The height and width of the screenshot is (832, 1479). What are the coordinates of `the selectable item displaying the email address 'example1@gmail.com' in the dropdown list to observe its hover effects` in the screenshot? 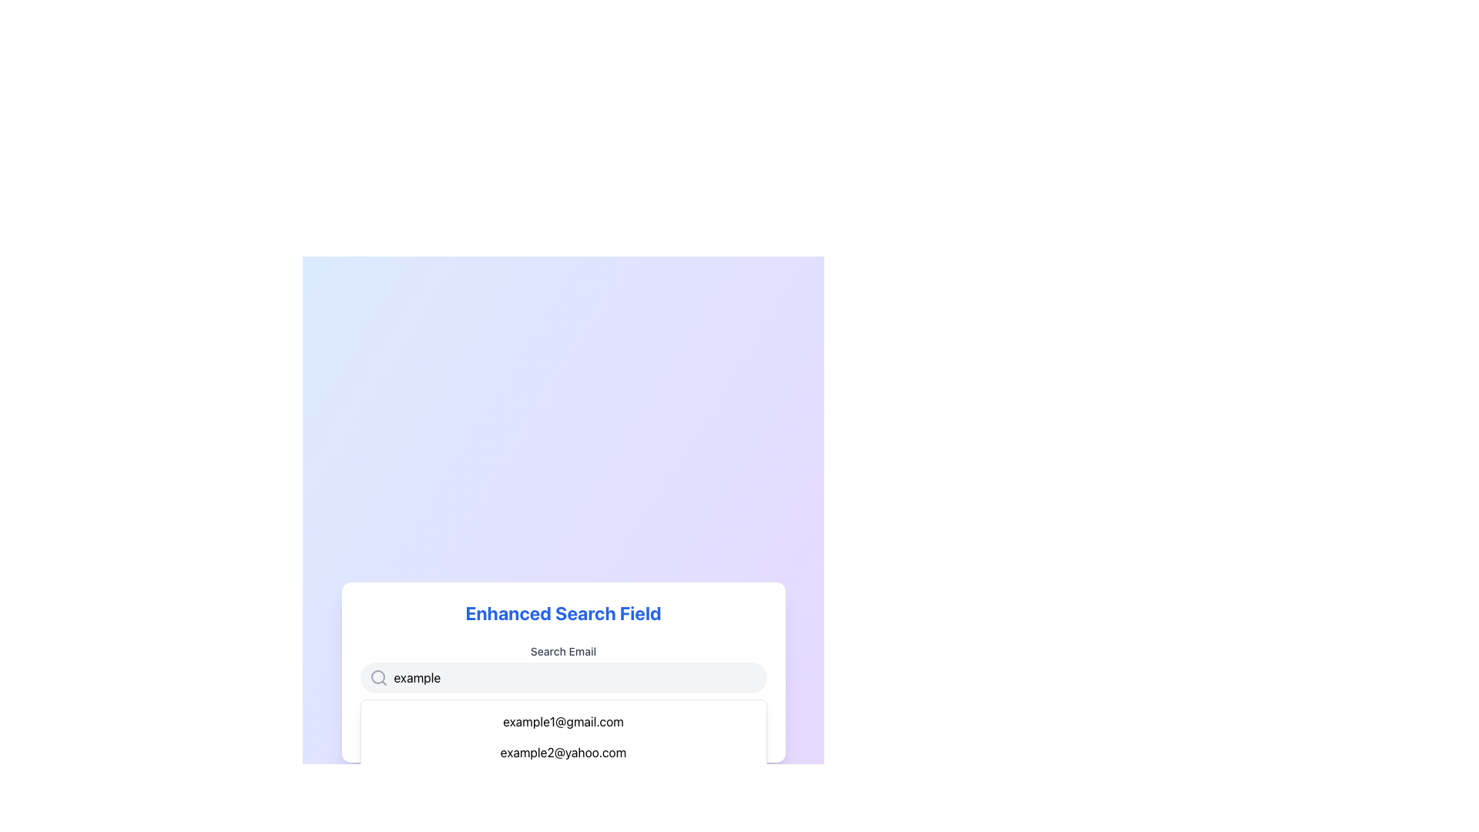 It's located at (562, 722).